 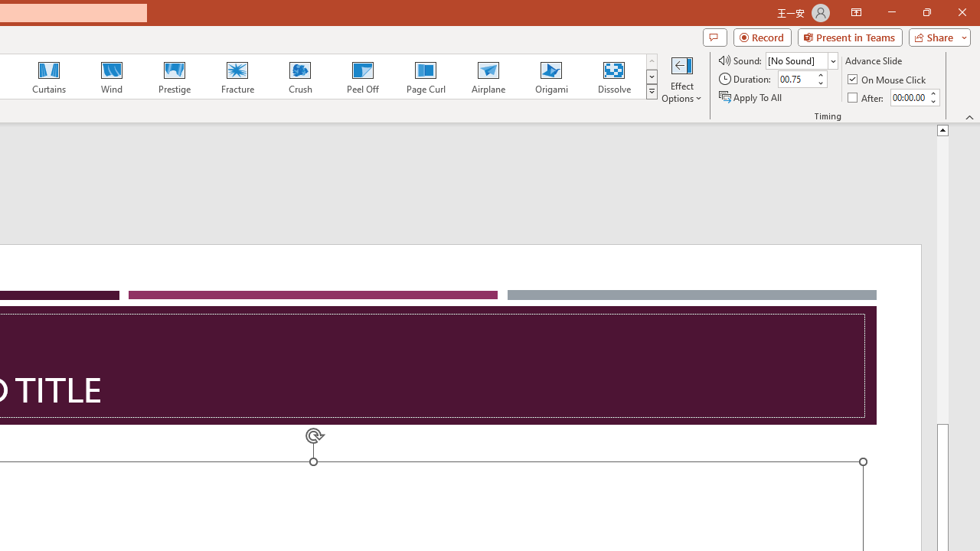 I want to click on 'Dissolve', so click(x=614, y=77).